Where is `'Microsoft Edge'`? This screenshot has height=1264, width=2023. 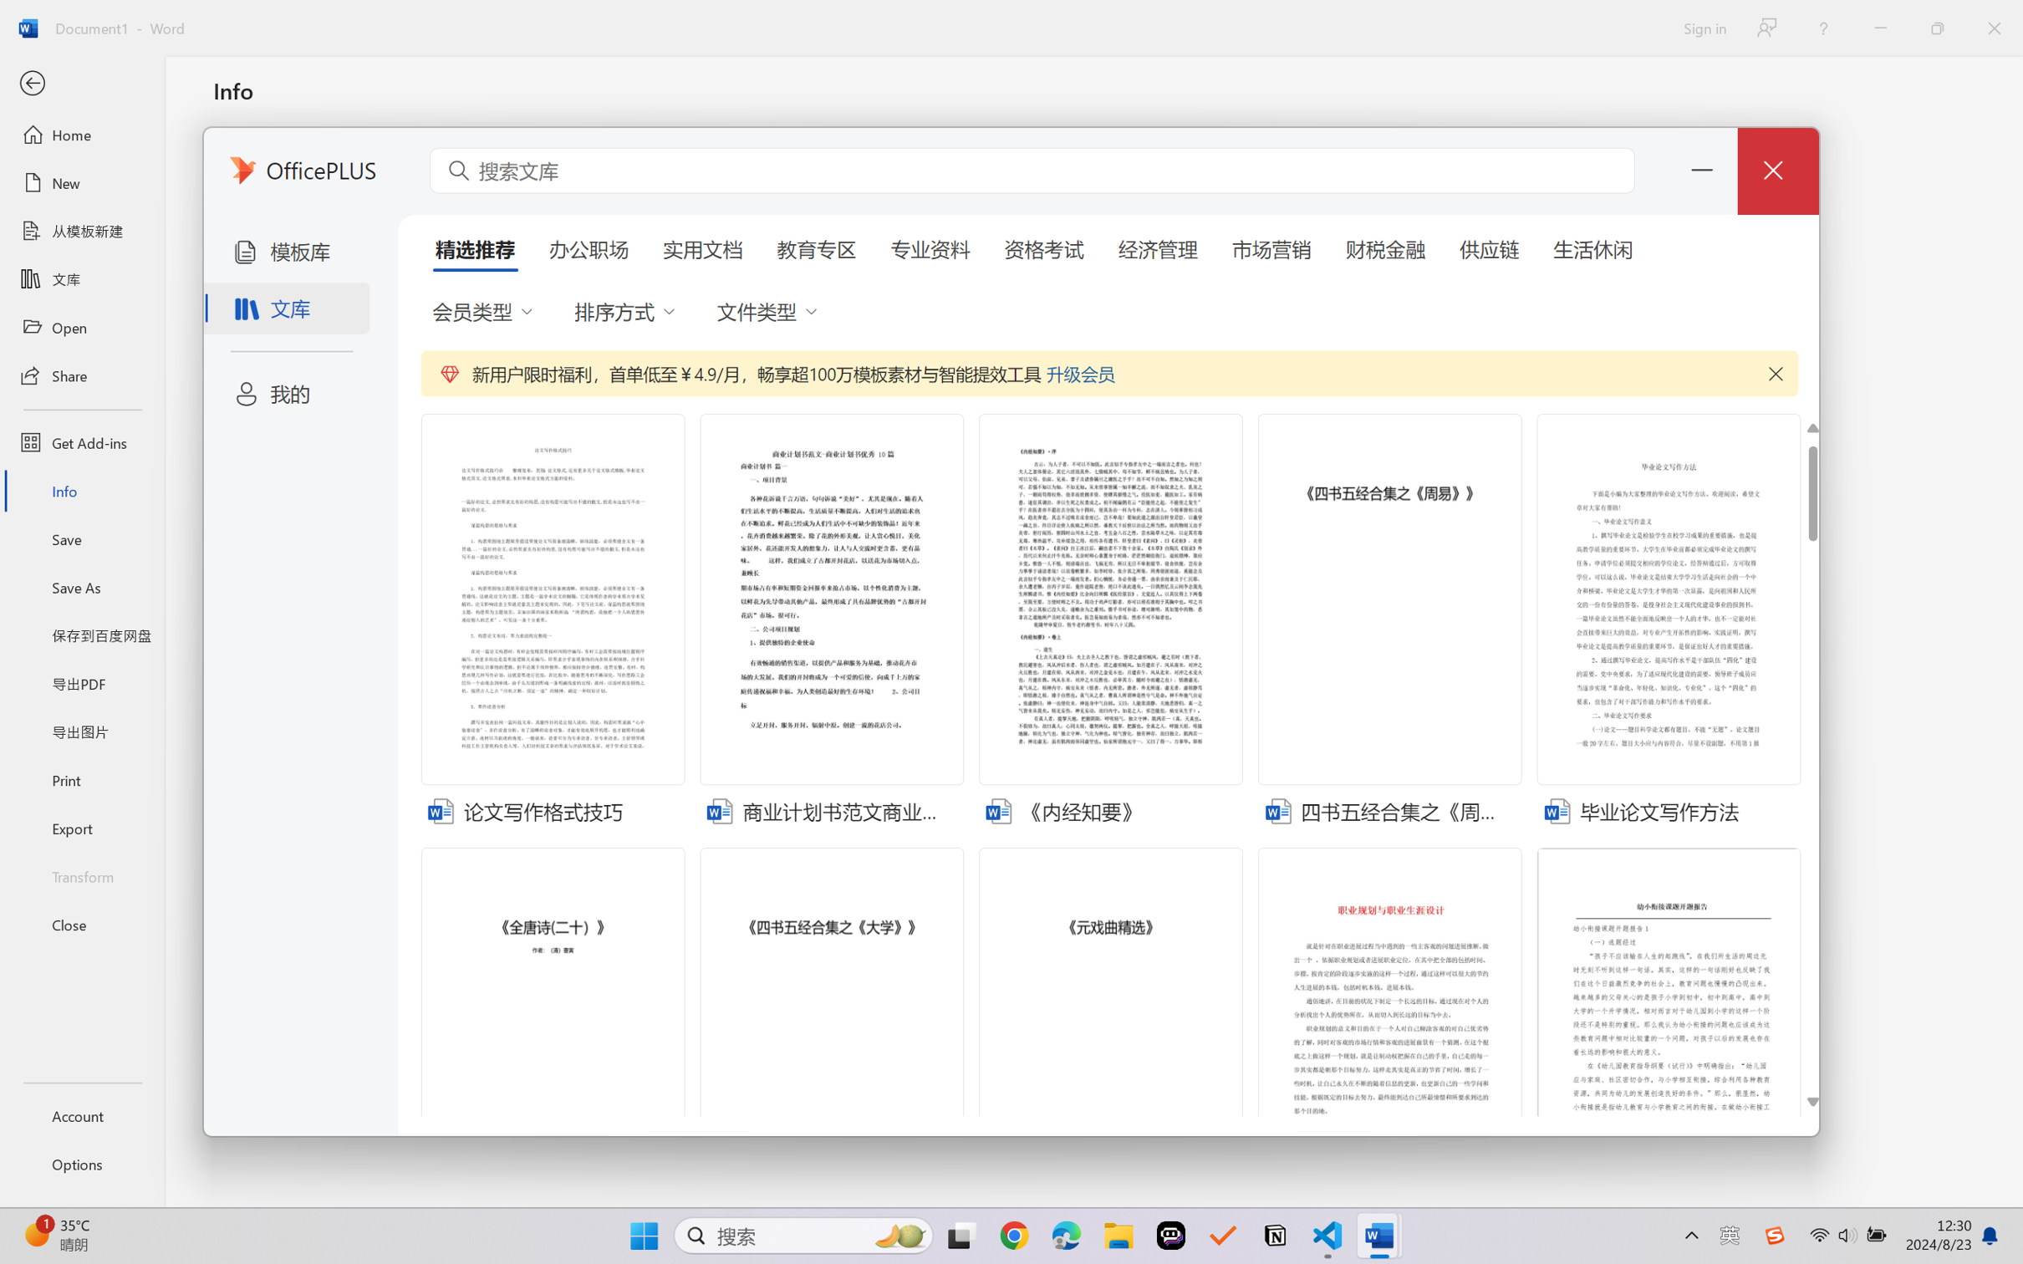
'Microsoft Edge' is located at coordinates (1066, 1236).